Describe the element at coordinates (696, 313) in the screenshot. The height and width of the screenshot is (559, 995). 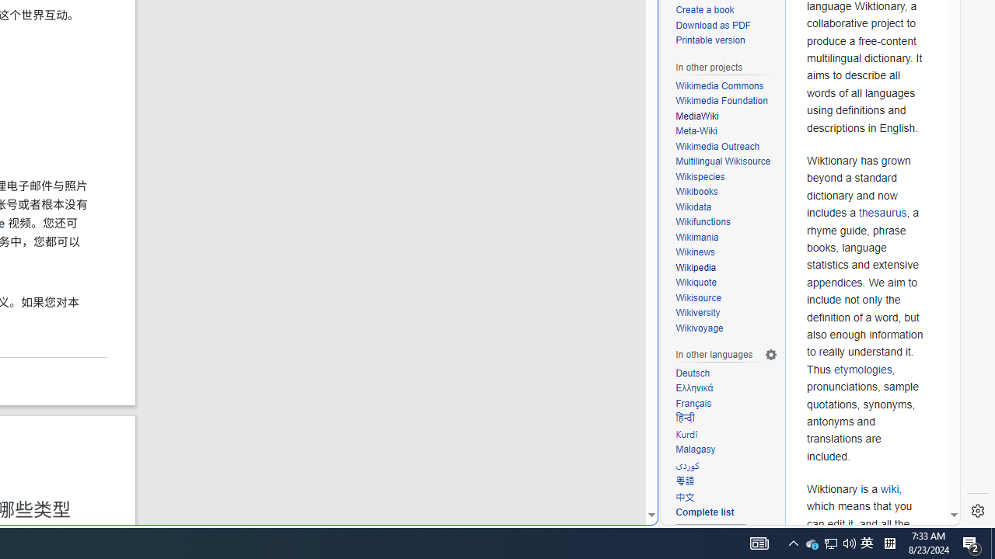
I see `'Wikiversity'` at that location.